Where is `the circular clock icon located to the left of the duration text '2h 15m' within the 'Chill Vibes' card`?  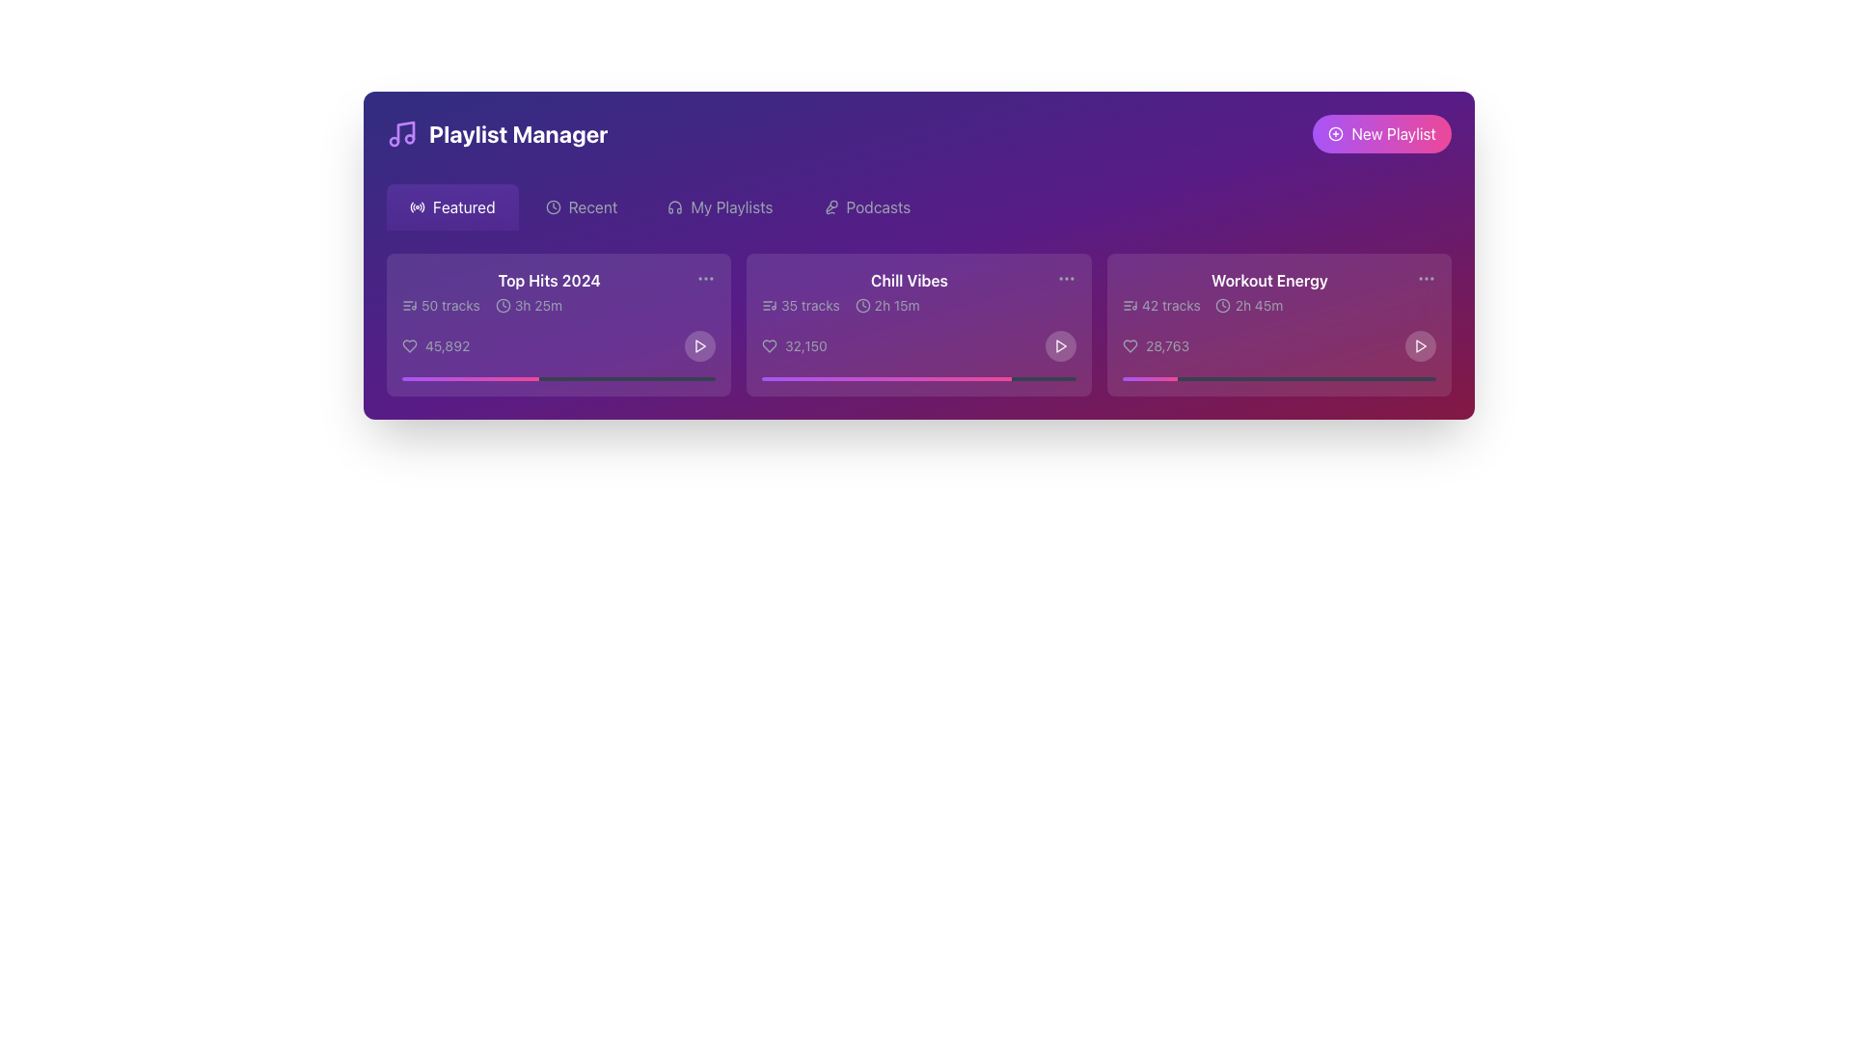
the circular clock icon located to the left of the duration text '2h 15m' within the 'Chill Vibes' card is located at coordinates (861, 304).